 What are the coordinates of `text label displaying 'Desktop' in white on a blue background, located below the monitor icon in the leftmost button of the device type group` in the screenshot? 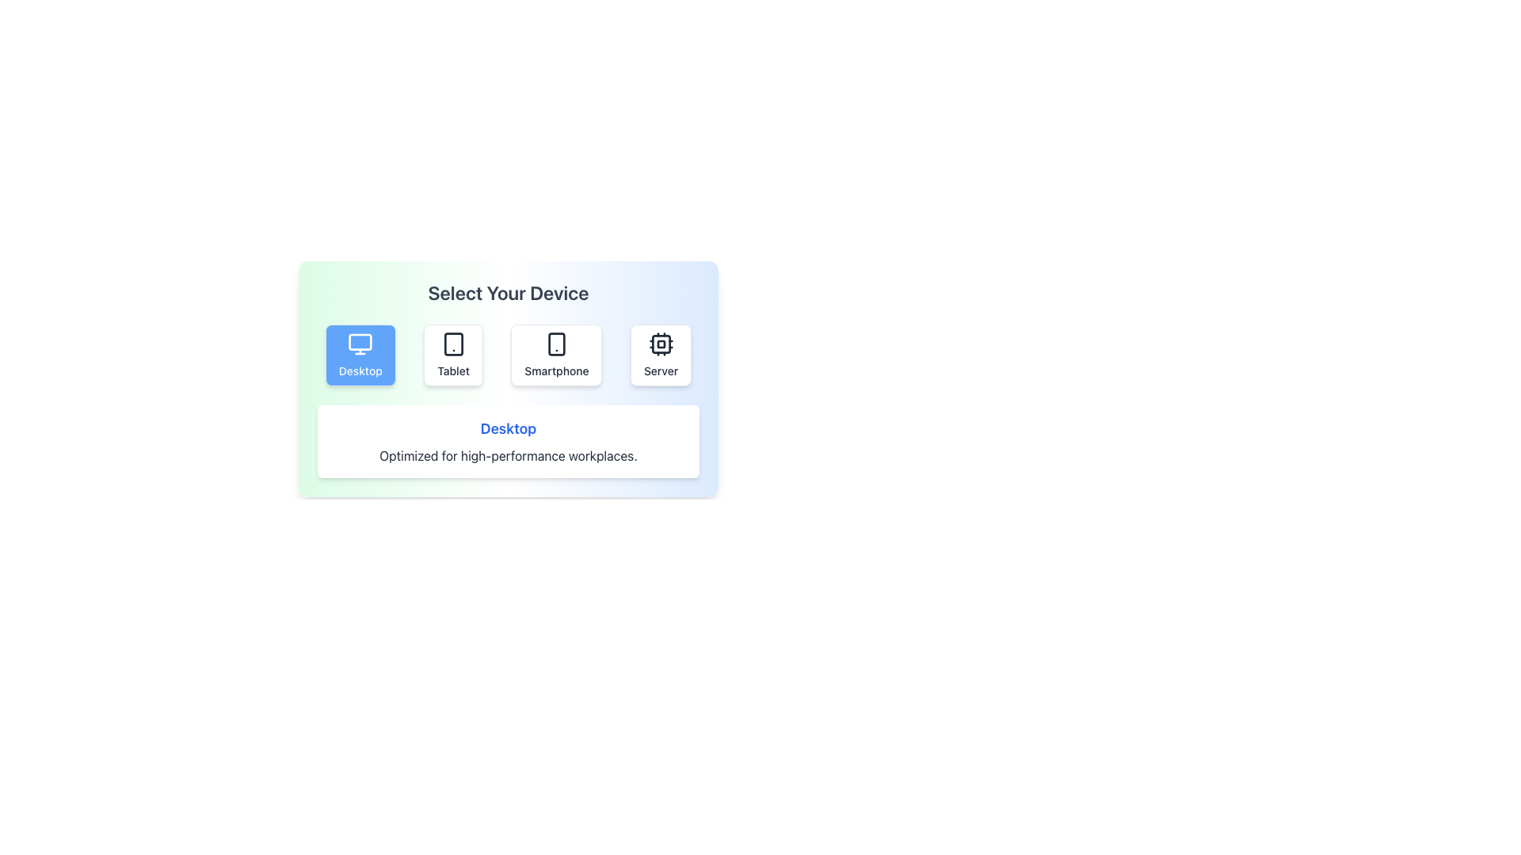 It's located at (360, 371).